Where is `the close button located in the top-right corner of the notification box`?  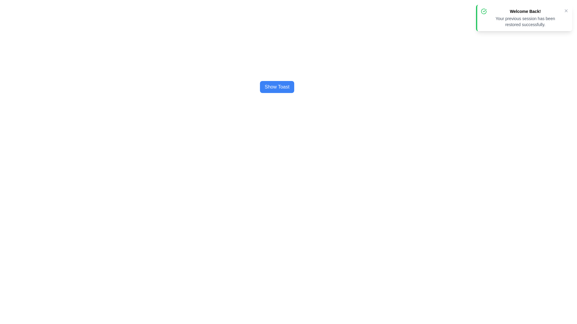
the close button located in the top-right corner of the notification box is located at coordinates (566, 10).